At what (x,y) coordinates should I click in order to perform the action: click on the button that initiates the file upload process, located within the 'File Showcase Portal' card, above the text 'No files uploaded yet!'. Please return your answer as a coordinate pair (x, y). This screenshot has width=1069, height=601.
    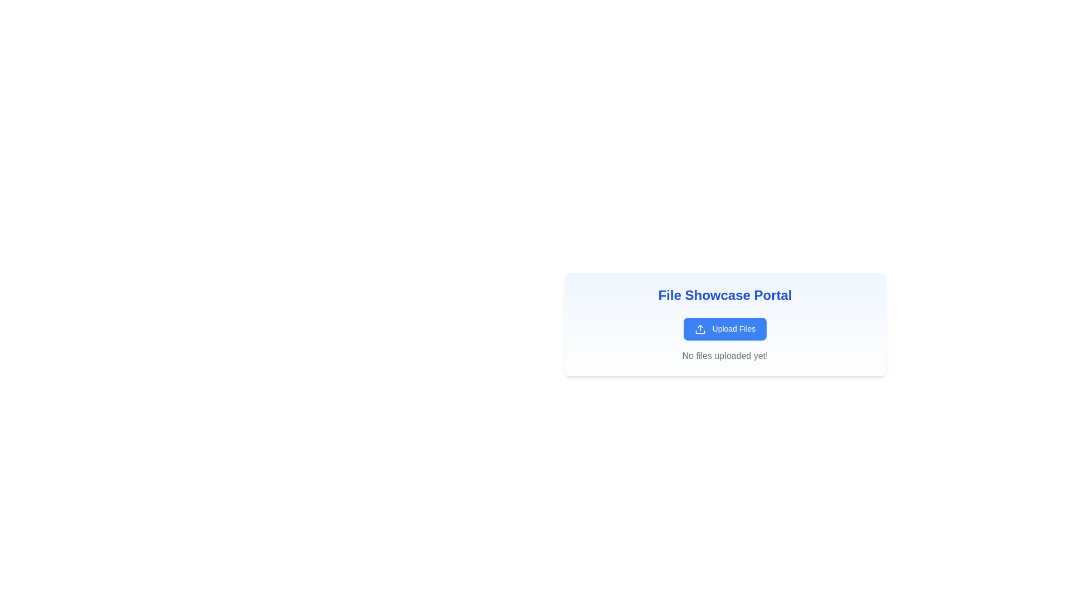
    Looking at the image, I should click on (725, 328).